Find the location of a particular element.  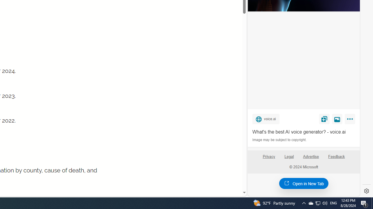

'Privacy' is located at coordinates (268, 159).